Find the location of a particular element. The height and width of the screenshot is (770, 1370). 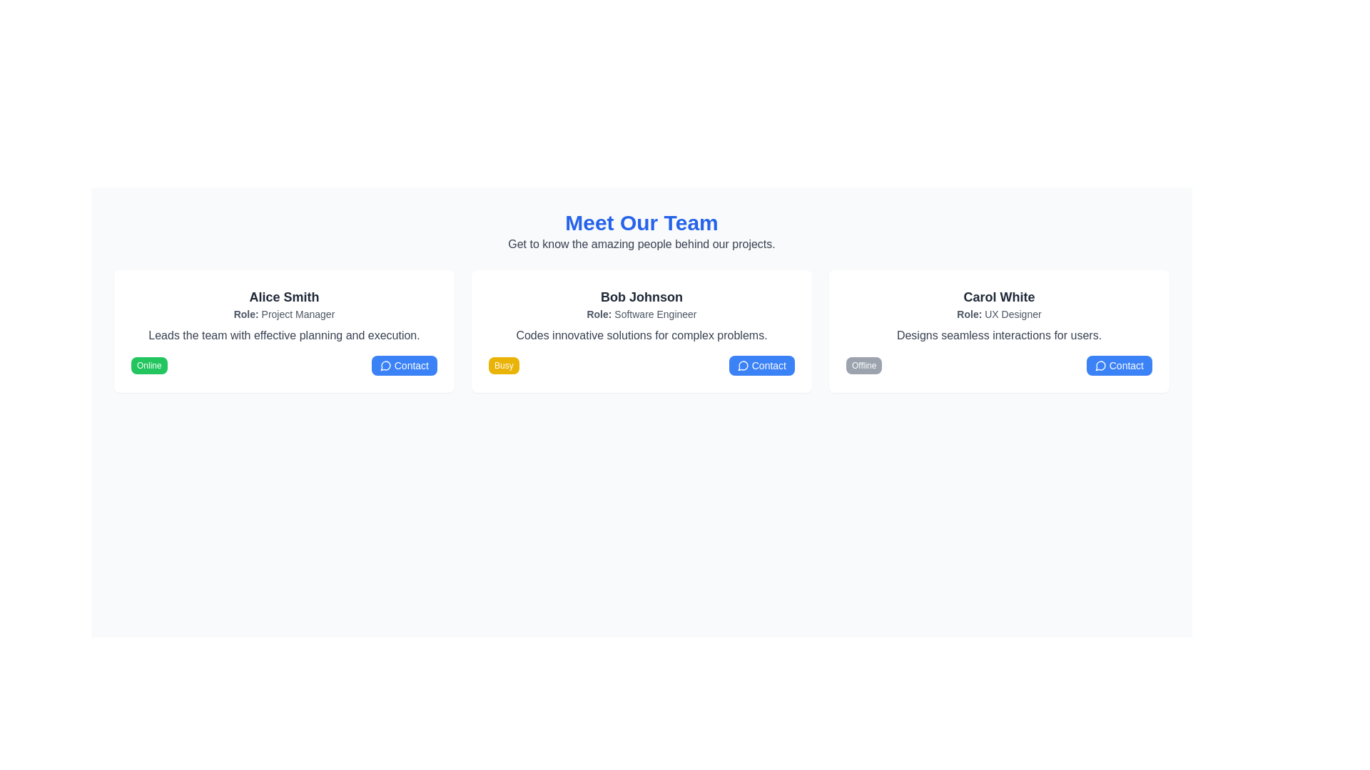

the 'Contact' button with a blue background and white text, located at the bottom-right corner of the rightmost card in a three-card layout is located at coordinates (1118, 365).